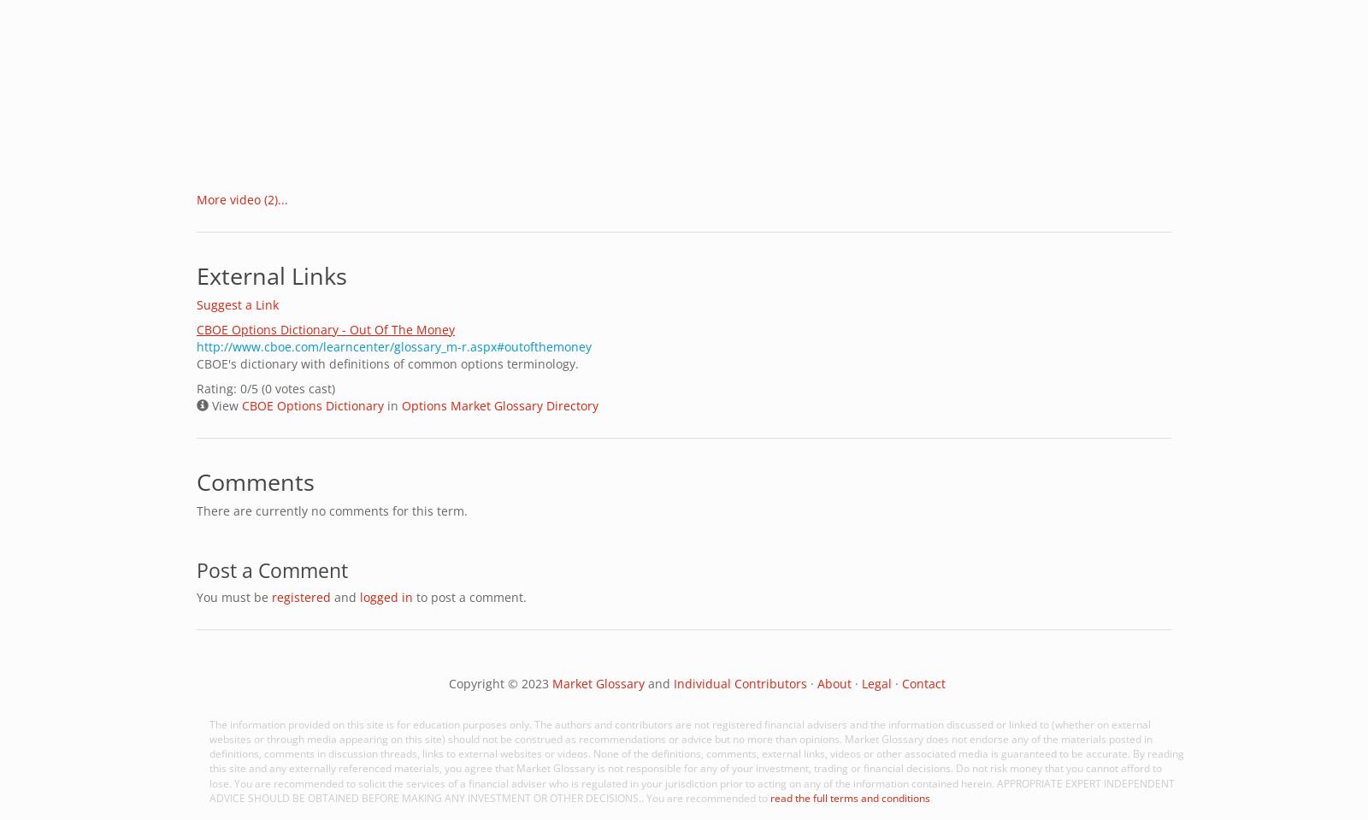 The image size is (1368, 820). What do you see at coordinates (385, 596) in the screenshot?
I see `'logged in'` at bounding box center [385, 596].